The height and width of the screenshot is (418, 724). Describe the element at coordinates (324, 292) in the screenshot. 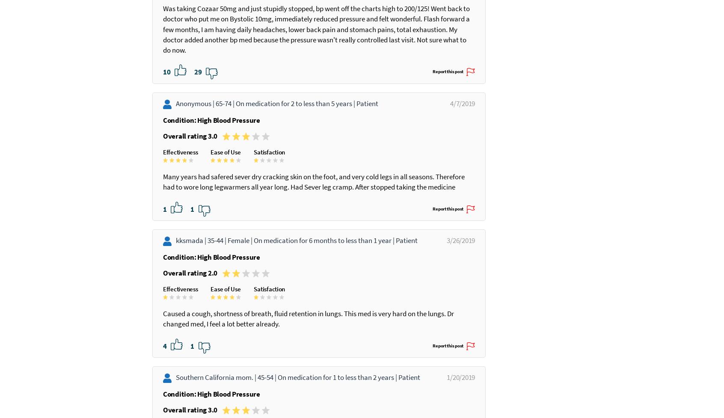

I see `'On medication for 6 months to less than 1 year |'` at that location.